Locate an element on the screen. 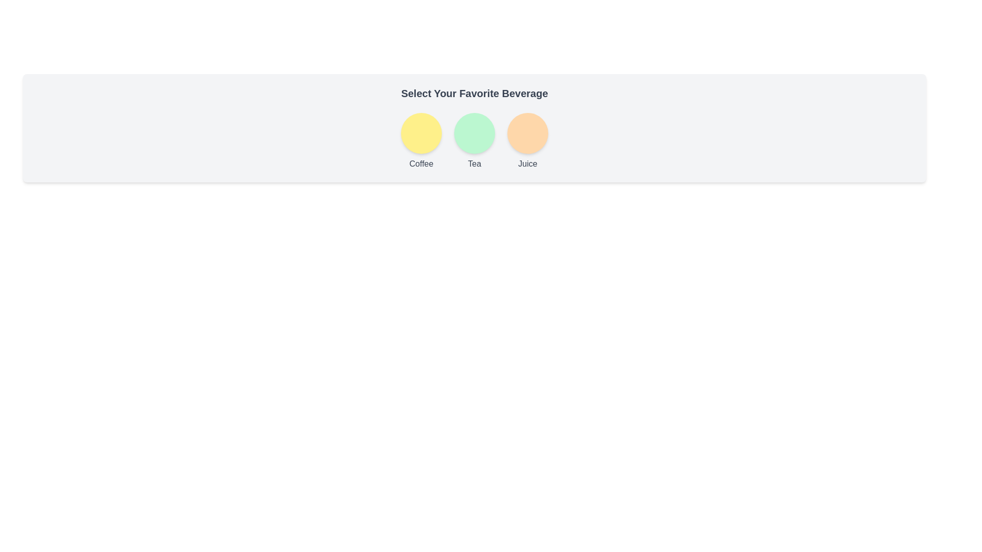 This screenshot has width=982, height=552. text of the label indicating the favorite beverage option, which is located below the green circular icon for Tea in the middle option of the selectable beverage area is located at coordinates (474, 163).